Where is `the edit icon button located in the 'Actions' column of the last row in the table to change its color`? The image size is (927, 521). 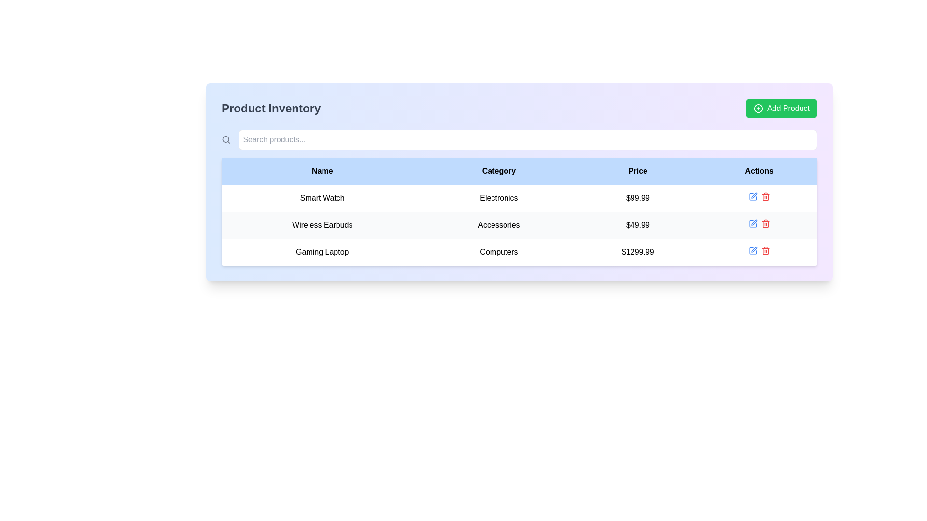
the edit icon button located in the 'Actions' column of the last row in the table to change its color is located at coordinates (752, 250).